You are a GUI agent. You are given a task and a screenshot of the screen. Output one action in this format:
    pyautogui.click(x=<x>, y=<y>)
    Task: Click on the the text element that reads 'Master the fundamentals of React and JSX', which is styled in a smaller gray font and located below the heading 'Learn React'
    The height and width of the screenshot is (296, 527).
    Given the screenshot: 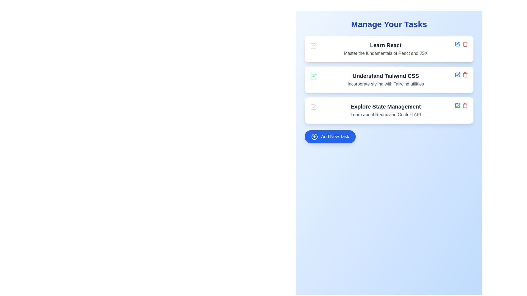 What is the action you would take?
    pyautogui.click(x=385, y=53)
    